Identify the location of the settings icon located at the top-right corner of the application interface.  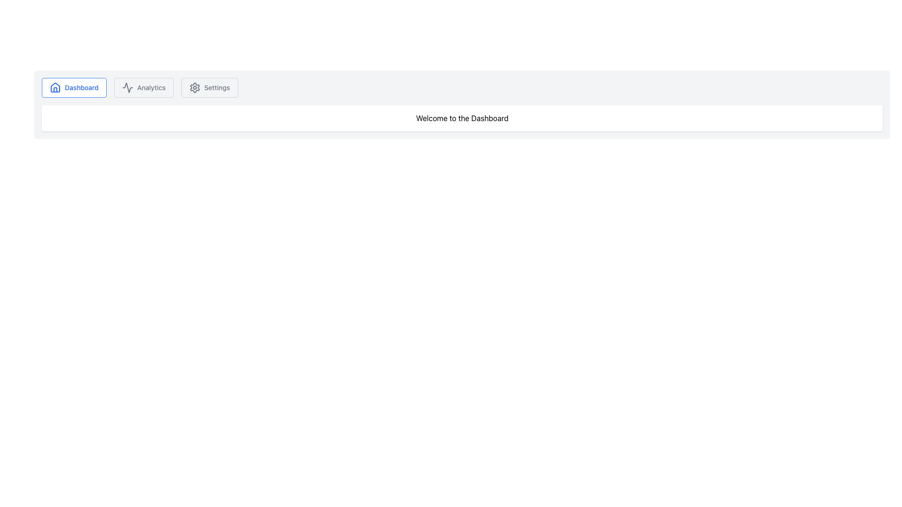
(194, 87).